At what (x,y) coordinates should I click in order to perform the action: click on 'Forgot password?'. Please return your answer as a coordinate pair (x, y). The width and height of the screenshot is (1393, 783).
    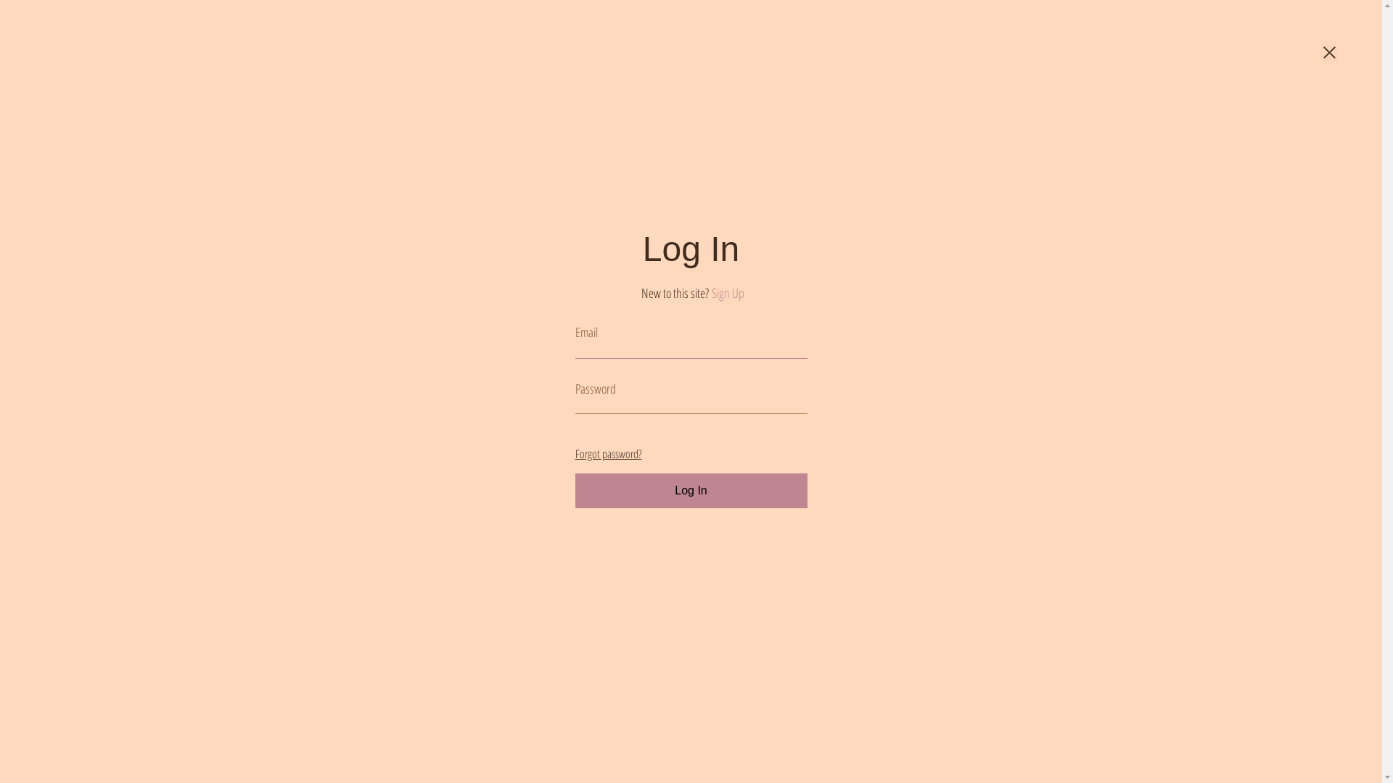
    Looking at the image, I should click on (608, 453).